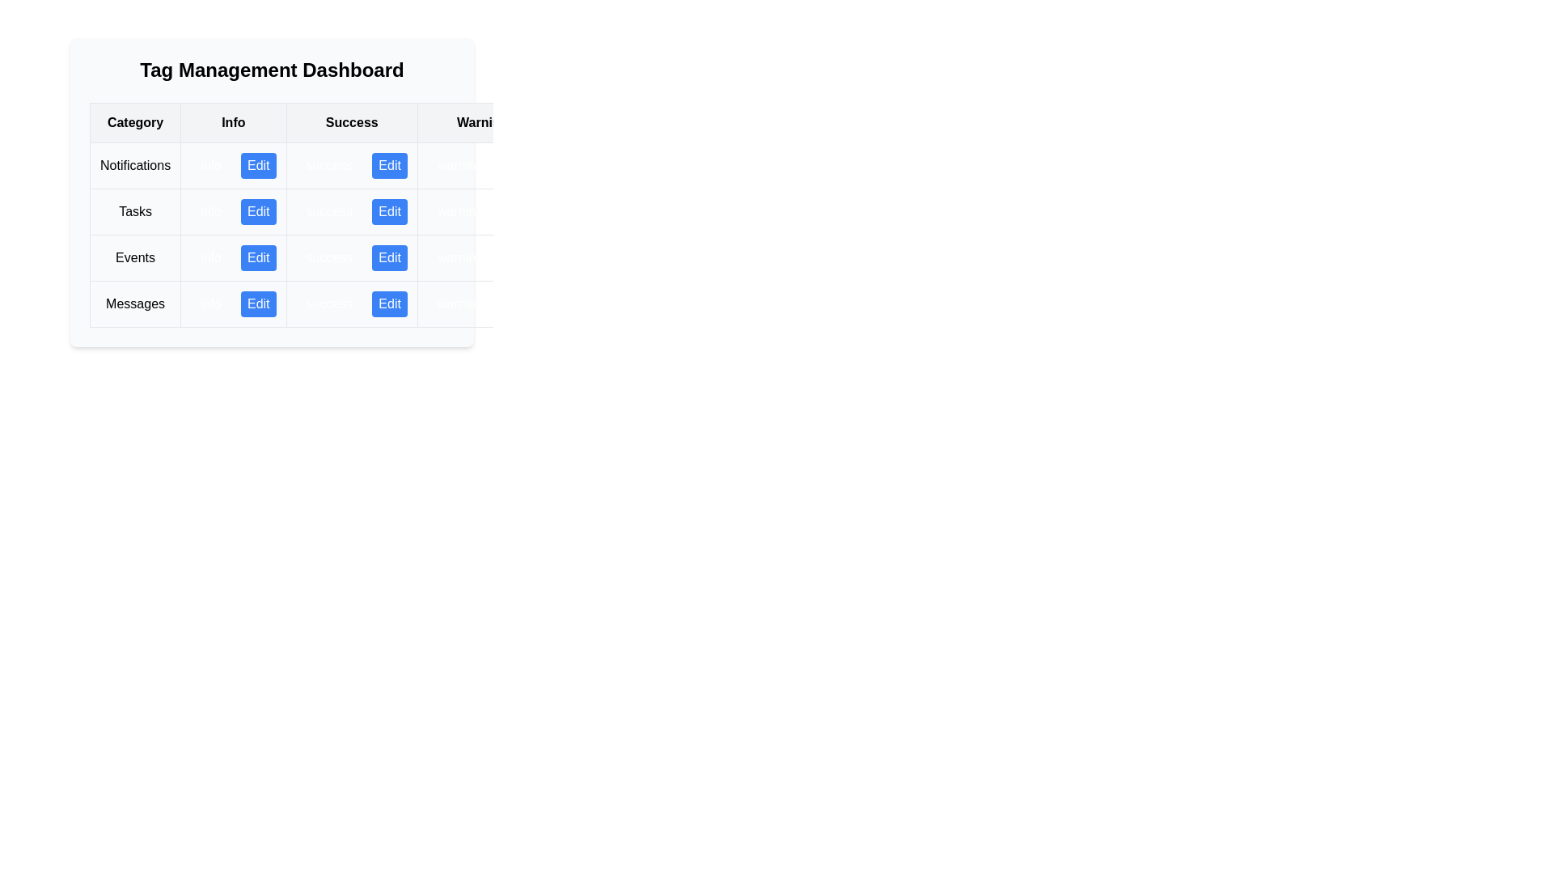 The height and width of the screenshot is (874, 1553). Describe the element at coordinates (232, 257) in the screenshot. I see `the 'Edit' button with a blue background and white text located in the 'Info' column of the 'Events' row` at that location.